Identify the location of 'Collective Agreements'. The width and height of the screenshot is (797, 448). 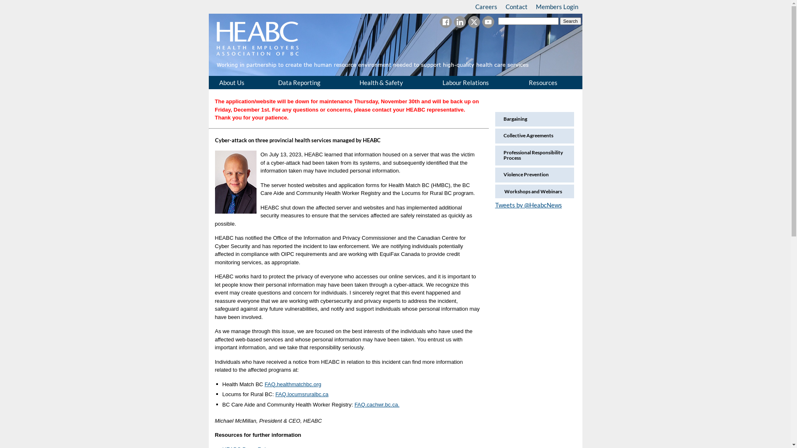
(494, 140).